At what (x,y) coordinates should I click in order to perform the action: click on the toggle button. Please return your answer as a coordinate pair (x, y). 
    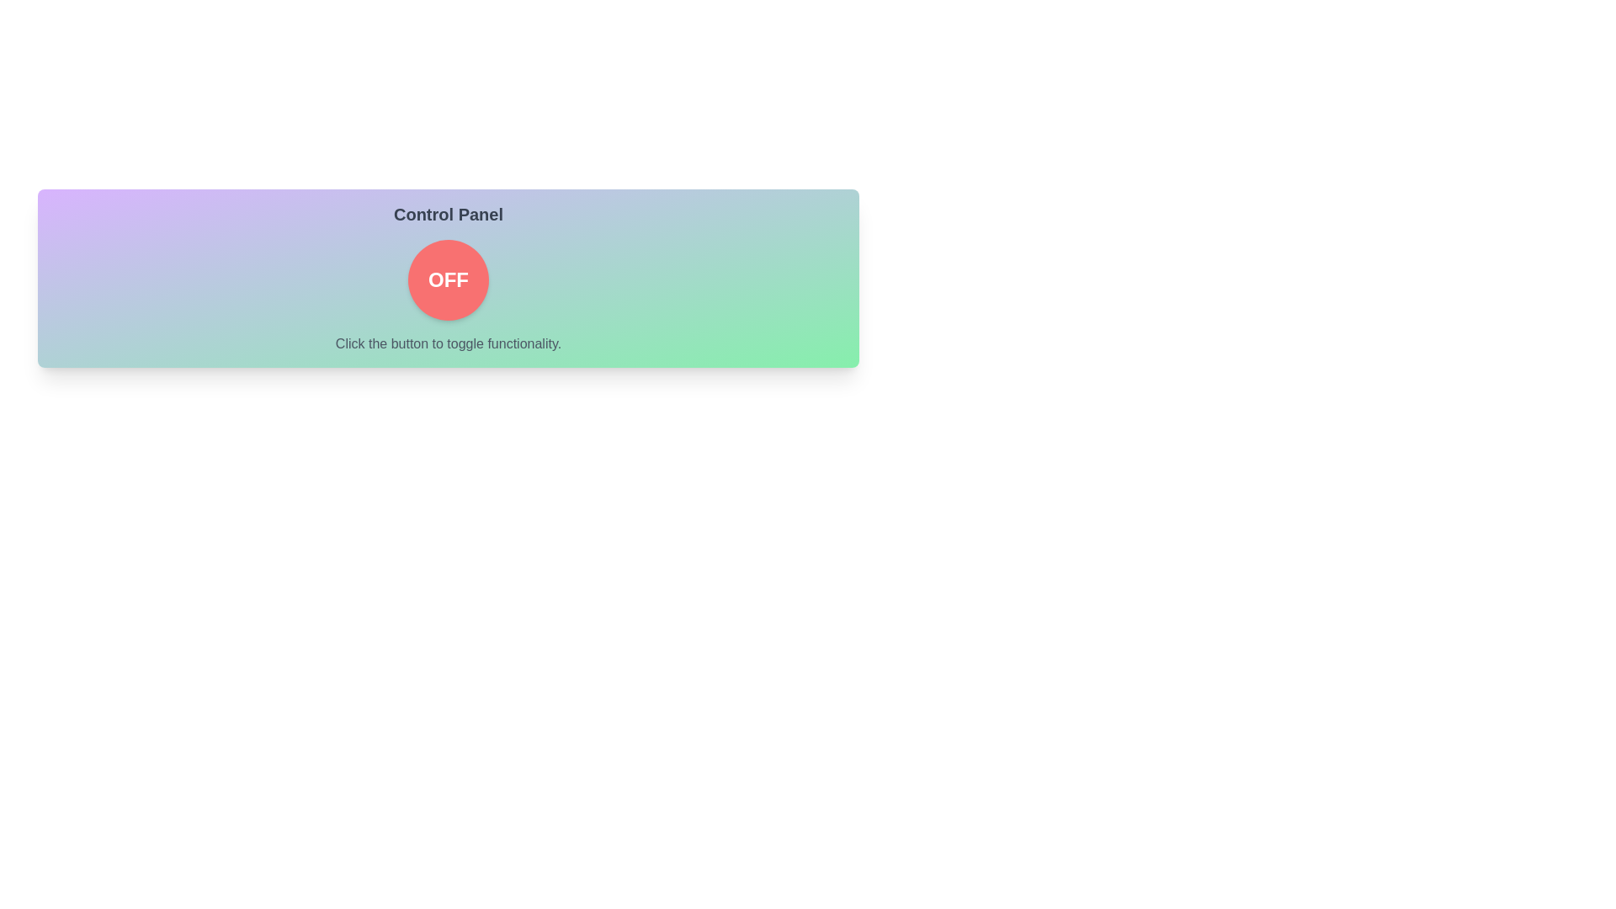
    Looking at the image, I should click on (448, 279).